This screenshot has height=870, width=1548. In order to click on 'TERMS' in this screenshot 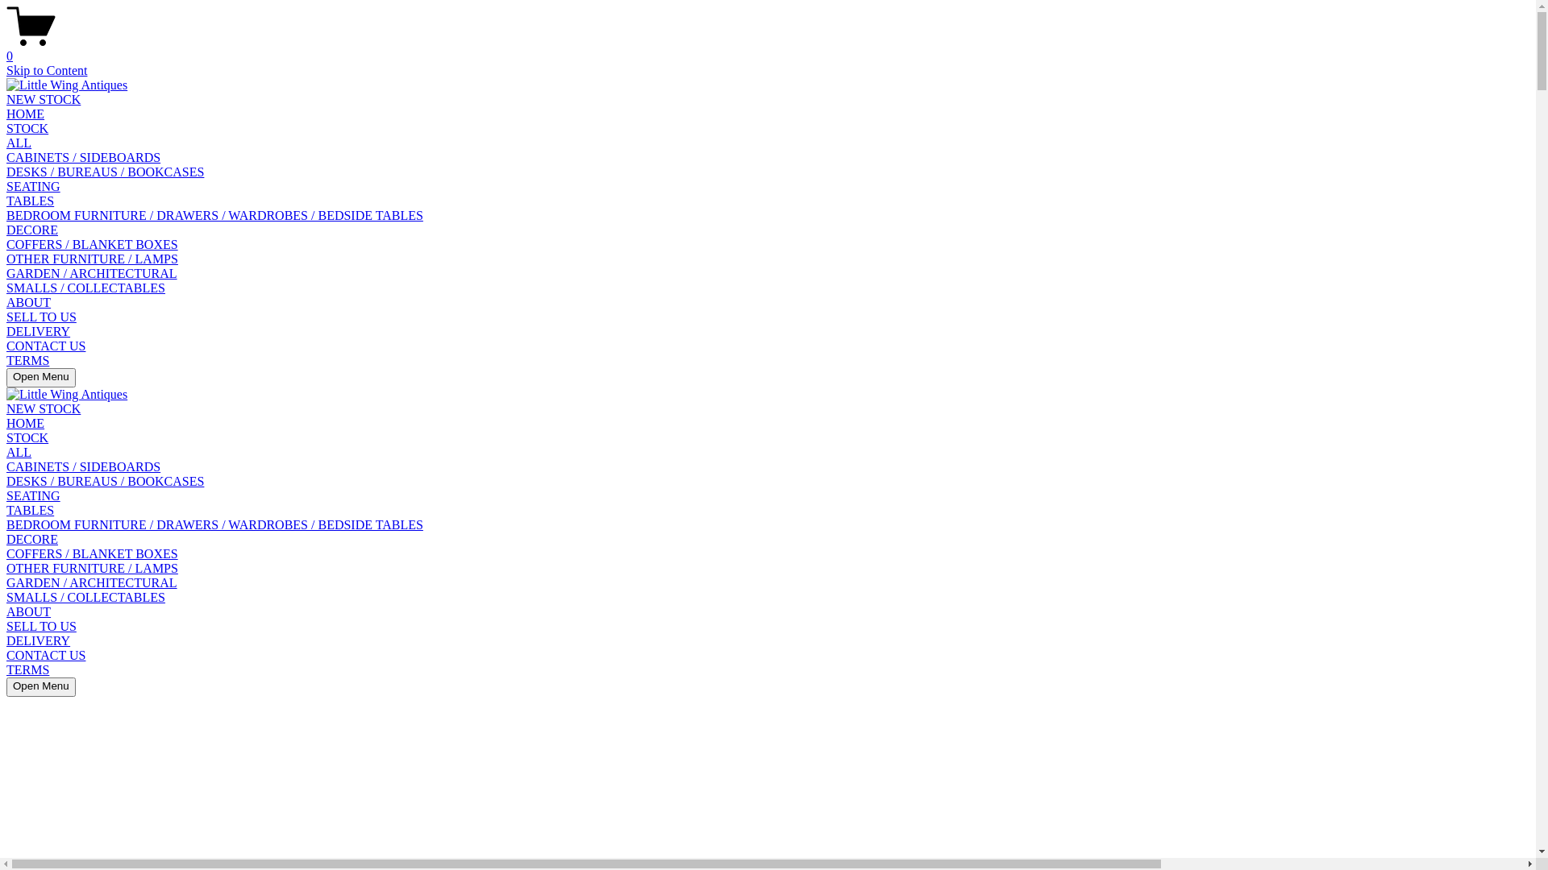, I will do `click(6, 669)`.